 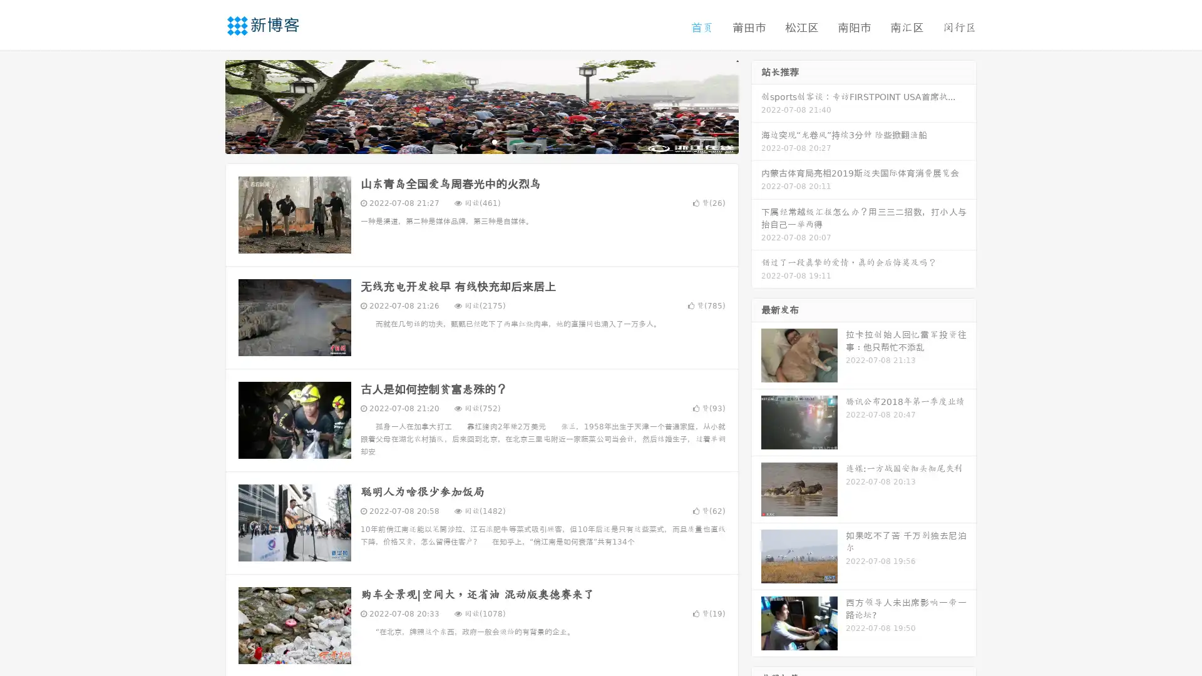 What do you see at coordinates (481, 141) in the screenshot?
I see `Go to slide 2` at bounding box center [481, 141].